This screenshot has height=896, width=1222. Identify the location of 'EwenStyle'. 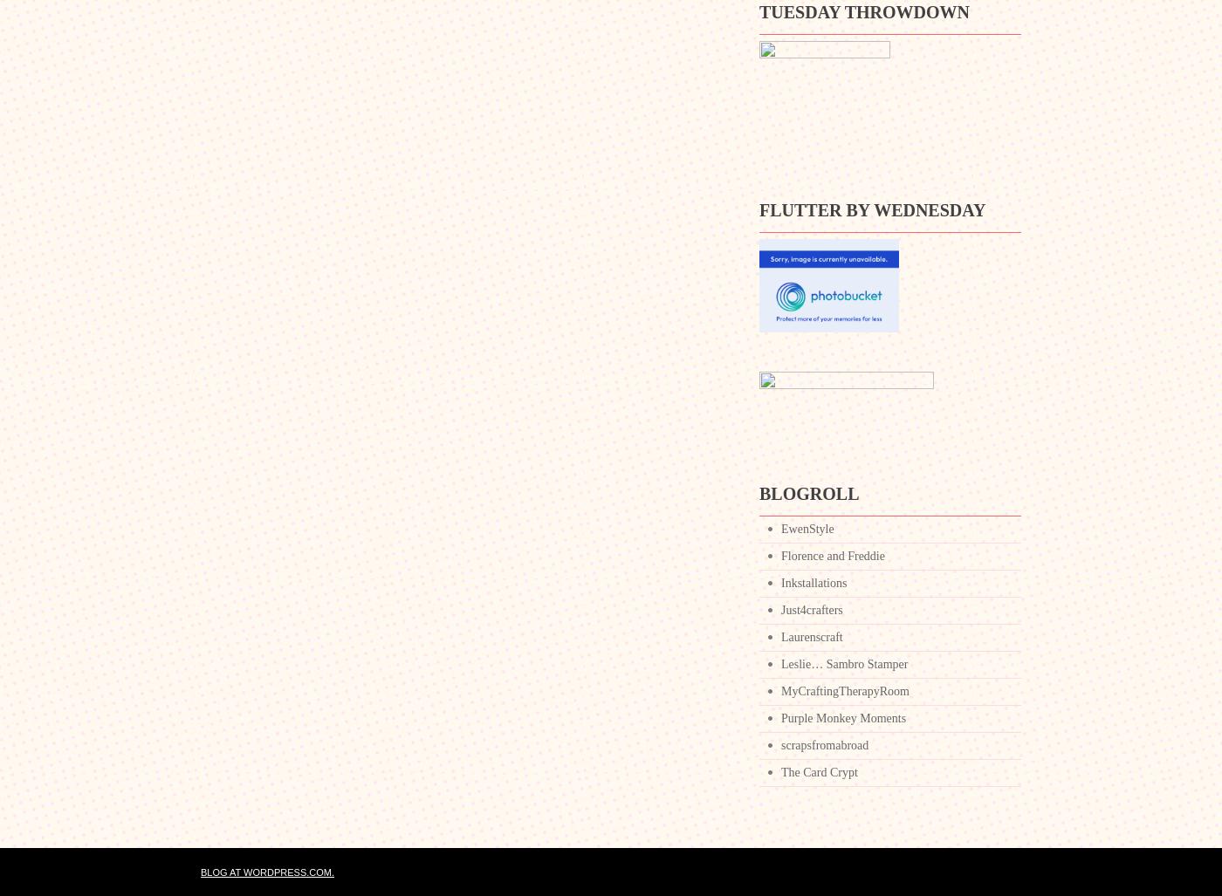
(780, 528).